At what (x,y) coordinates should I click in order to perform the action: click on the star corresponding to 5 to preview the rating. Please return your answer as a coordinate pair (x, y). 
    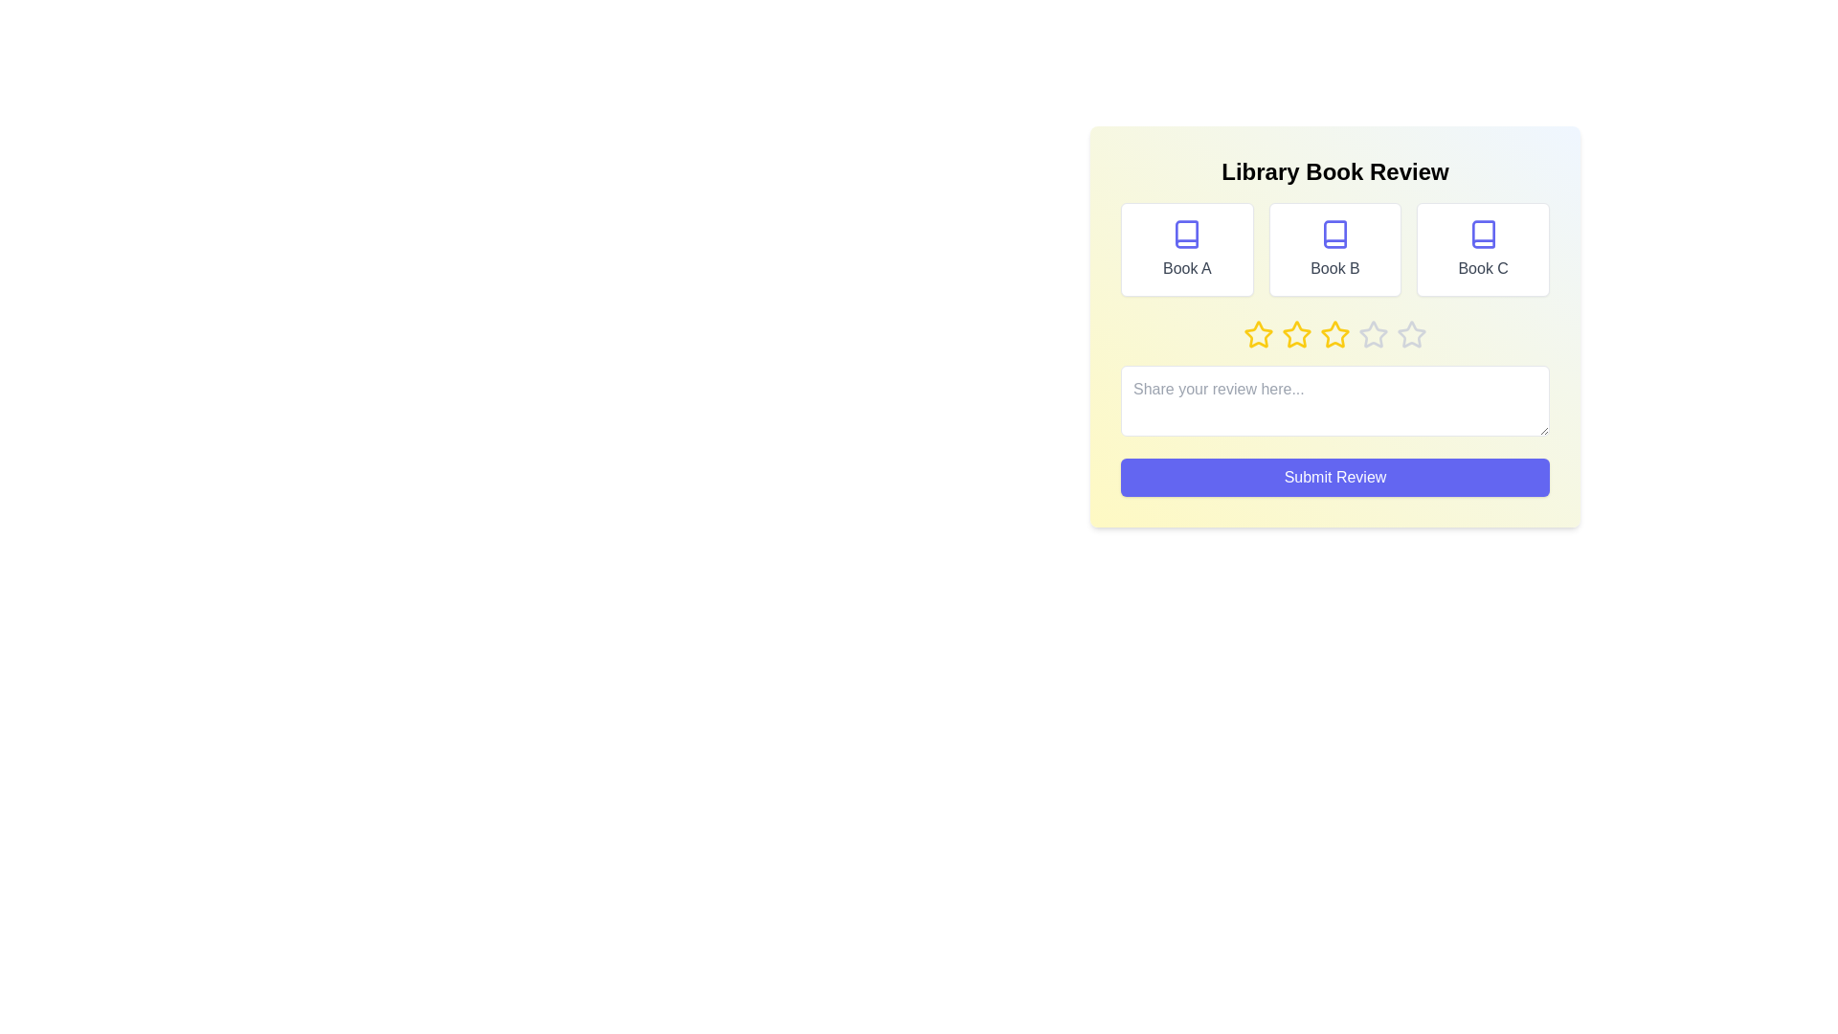
    Looking at the image, I should click on (1411, 334).